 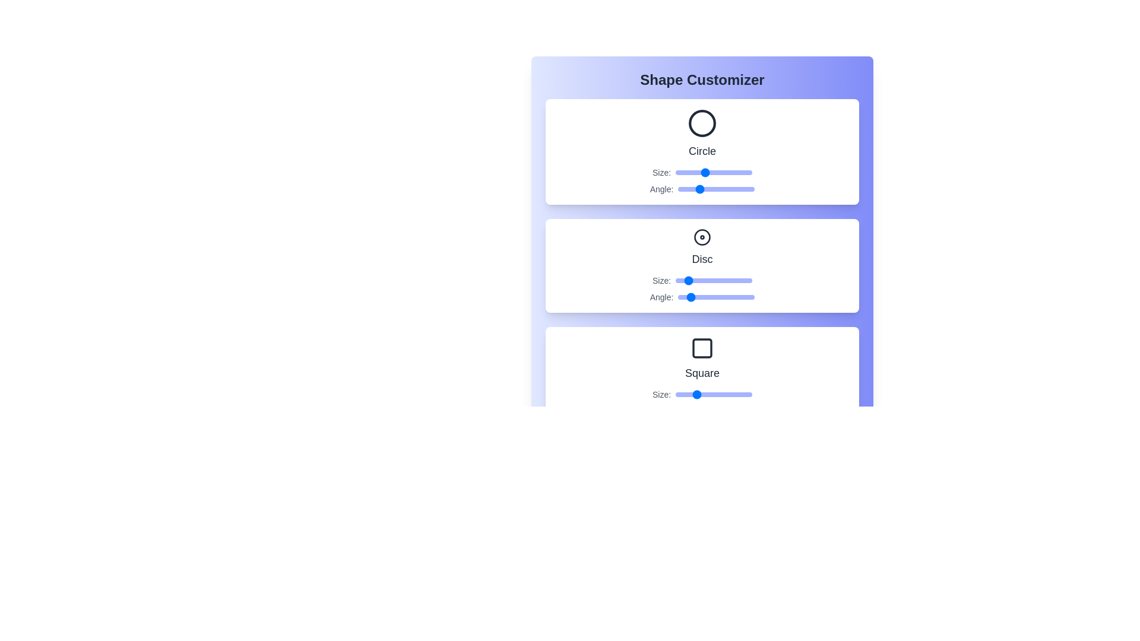 I want to click on the icon of the shape Square, so click(x=702, y=347).